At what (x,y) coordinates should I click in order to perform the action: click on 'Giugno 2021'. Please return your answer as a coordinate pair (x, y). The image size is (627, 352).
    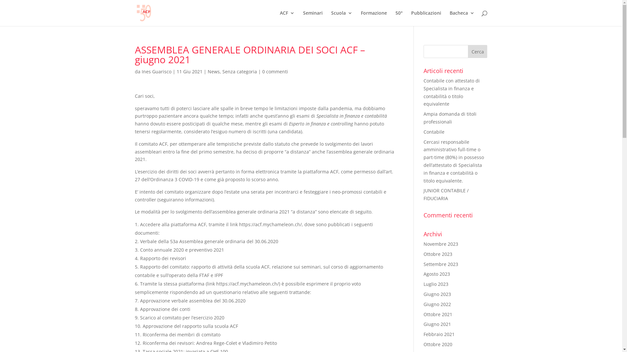
    Looking at the image, I should click on (437, 324).